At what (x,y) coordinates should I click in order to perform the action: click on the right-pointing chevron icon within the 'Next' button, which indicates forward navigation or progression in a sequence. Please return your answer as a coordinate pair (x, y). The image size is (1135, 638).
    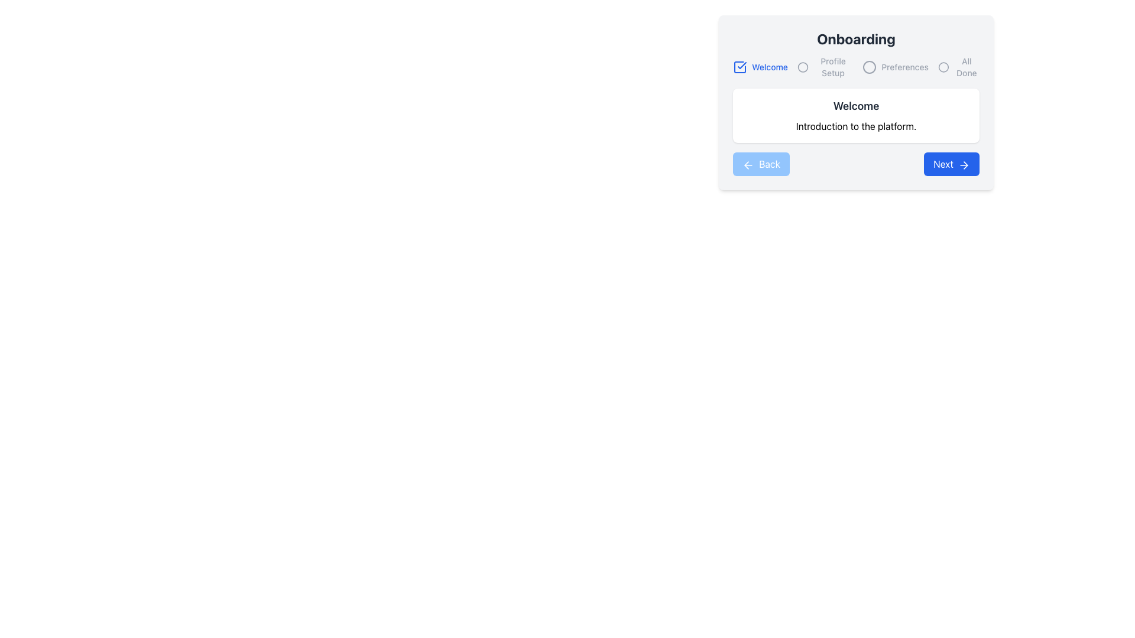
    Looking at the image, I should click on (965, 165).